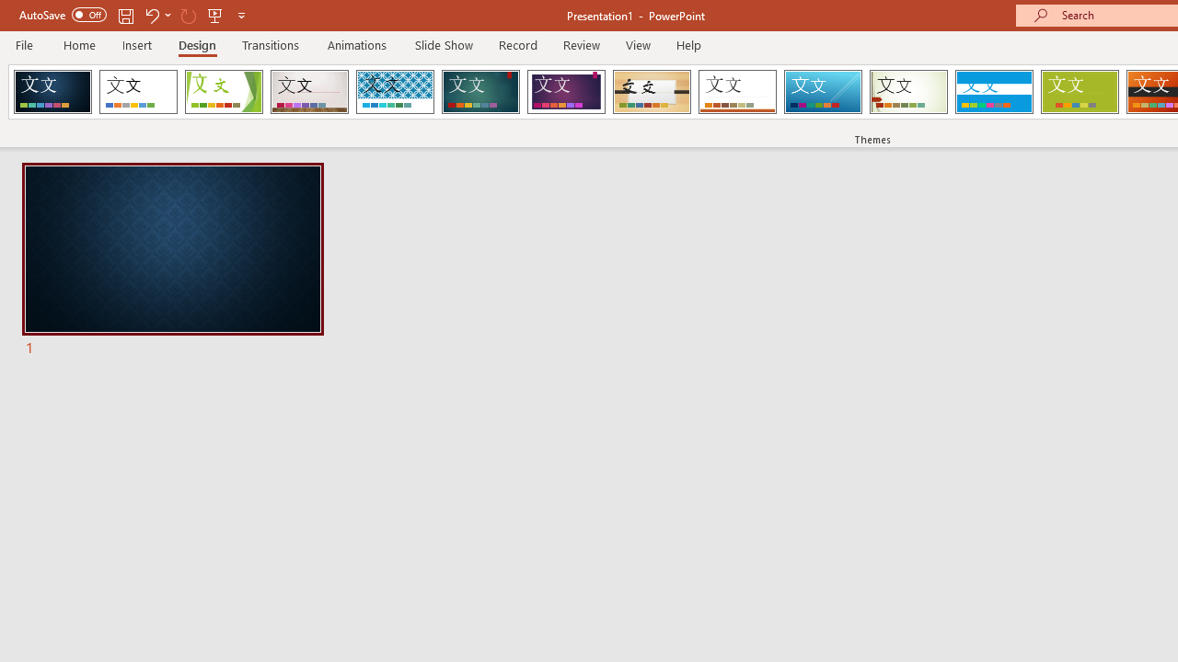  What do you see at coordinates (908, 92) in the screenshot?
I see `'Wisp Loading Preview...'` at bounding box center [908, 92].